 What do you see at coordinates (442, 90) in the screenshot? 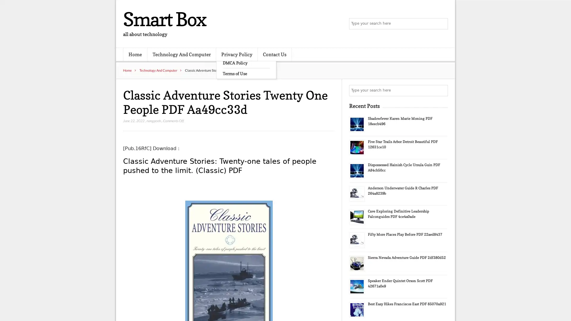
I see `Search` at bounding box center [442, 90].